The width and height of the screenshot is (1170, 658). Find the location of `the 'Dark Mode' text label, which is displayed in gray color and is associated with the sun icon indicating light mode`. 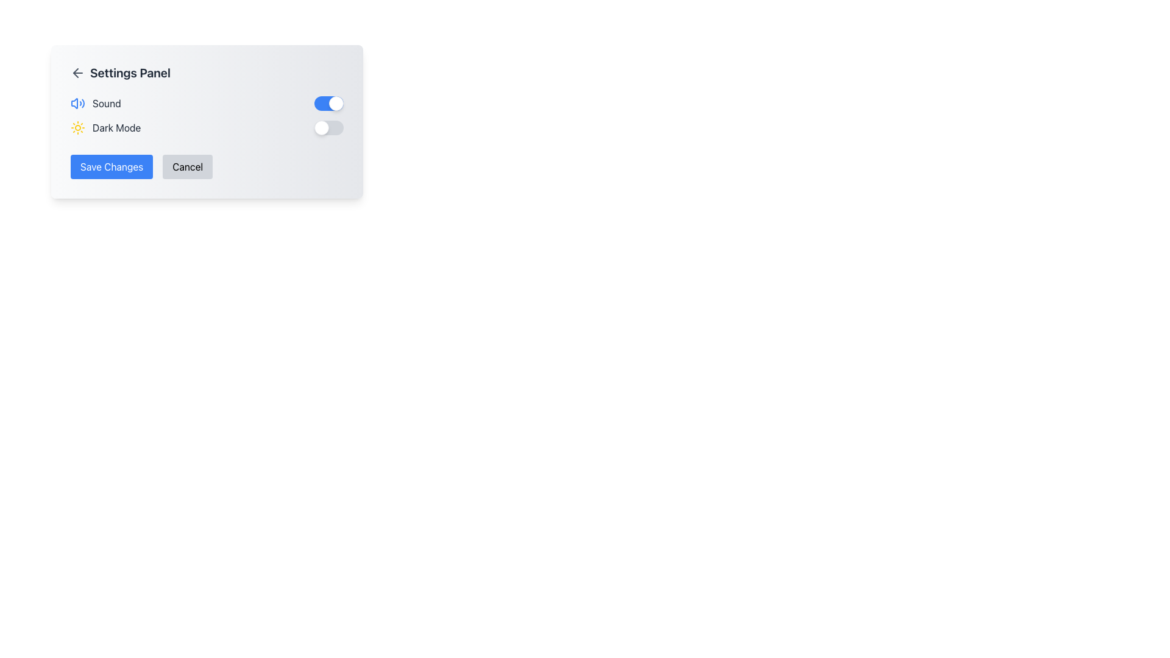

the 'Dark Mode' text label, which is displayed in gray color and is associated with the sun icon indicating light mode is located at coordinates (116, 127).